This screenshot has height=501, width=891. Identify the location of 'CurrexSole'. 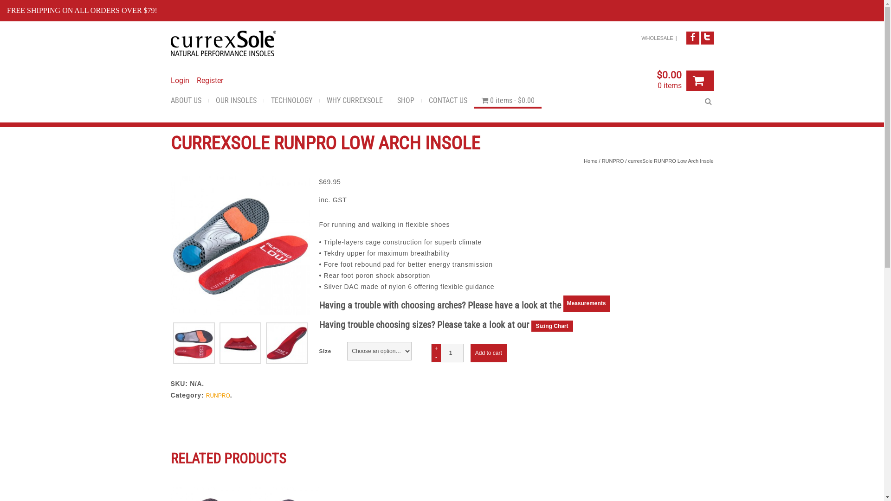
(223, 43).